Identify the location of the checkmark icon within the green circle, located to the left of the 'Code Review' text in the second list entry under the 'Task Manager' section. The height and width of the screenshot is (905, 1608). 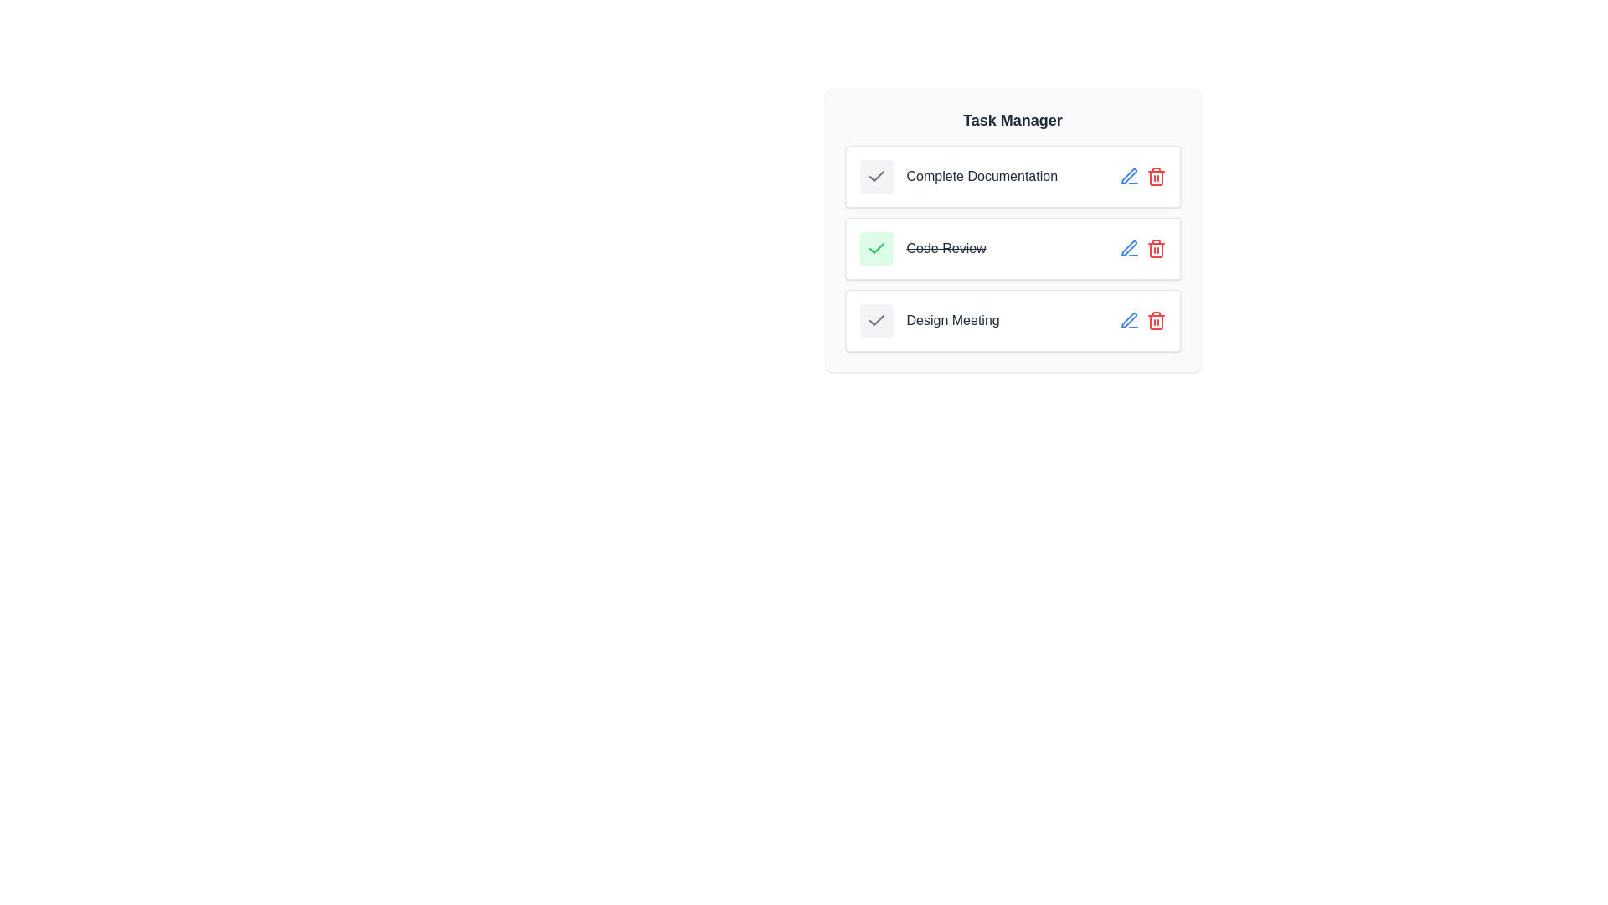
(875, 249).